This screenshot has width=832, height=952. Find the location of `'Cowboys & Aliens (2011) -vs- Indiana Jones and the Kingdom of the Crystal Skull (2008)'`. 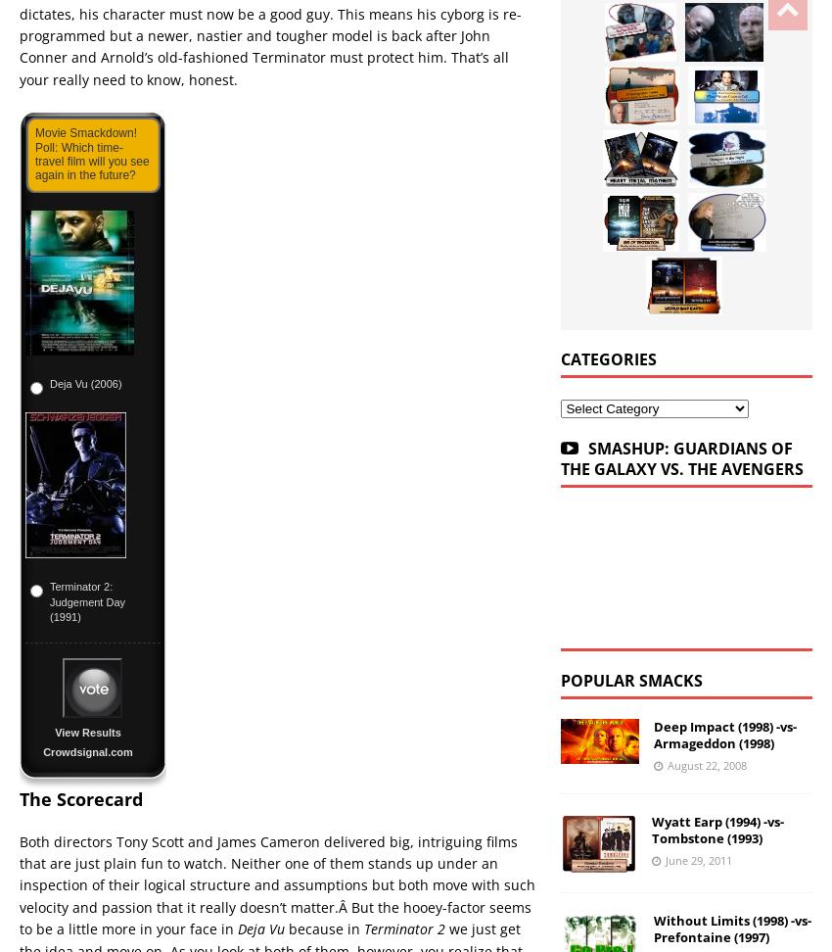

'Cowboys & Aliens (2011) -vs- Indiana Jones and the Kingdom of the Crystal Skull (2008)' is located at coordinates (156, 66).